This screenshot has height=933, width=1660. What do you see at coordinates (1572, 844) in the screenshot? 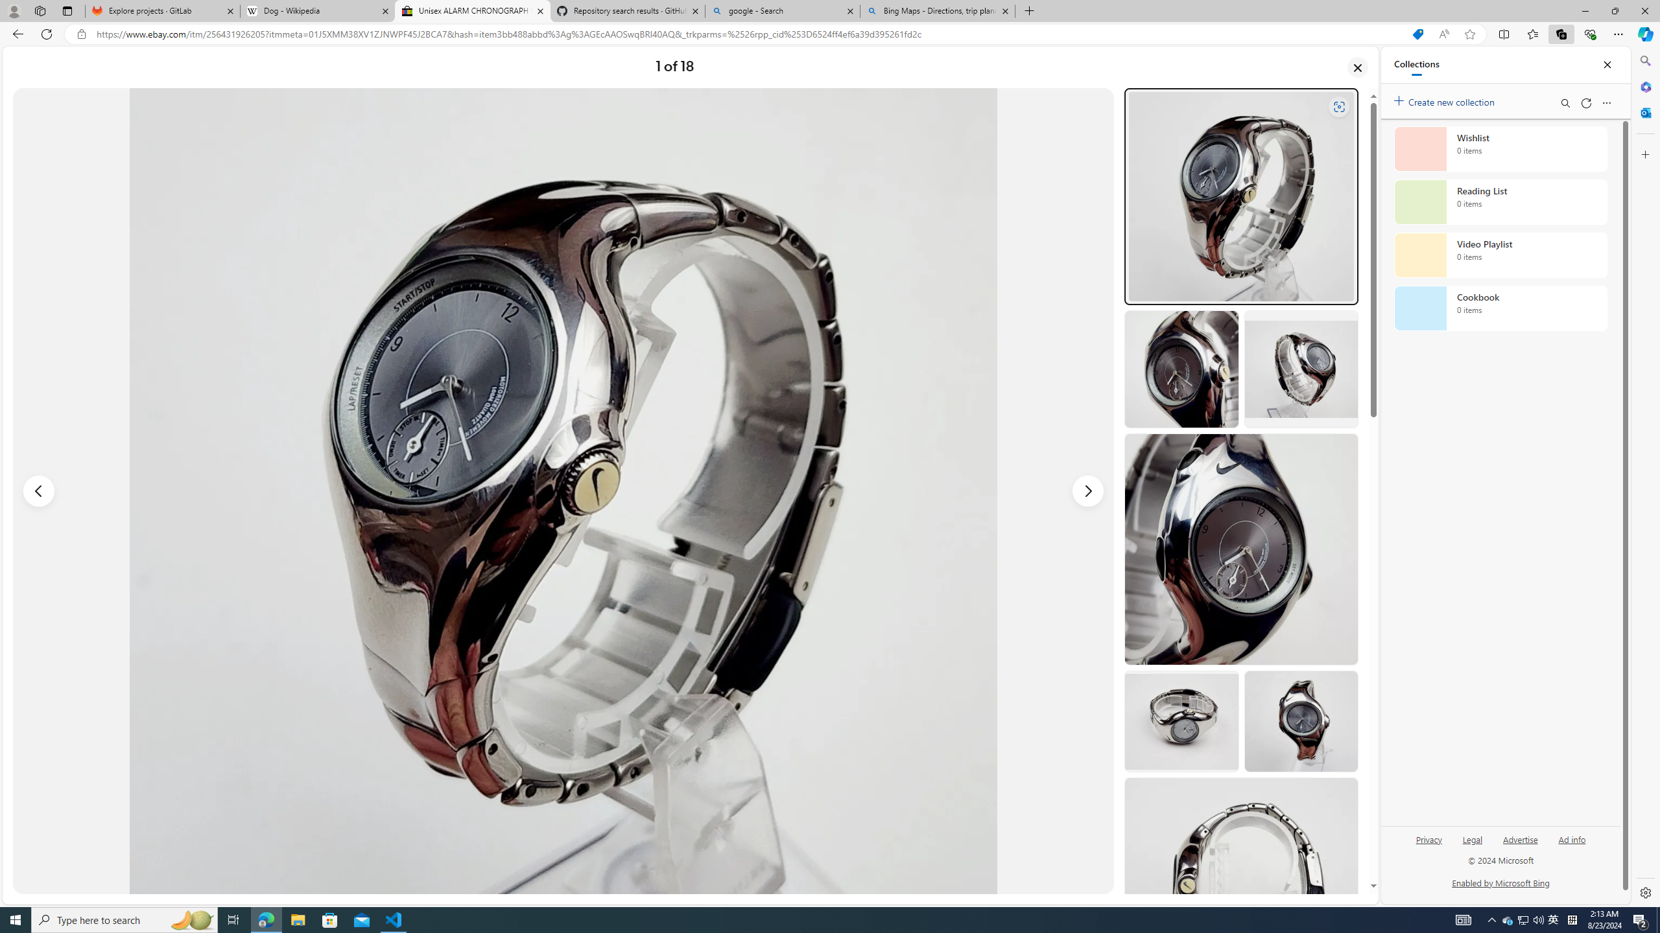
I see `'Ad info'` at bounding box center [1572, 844].